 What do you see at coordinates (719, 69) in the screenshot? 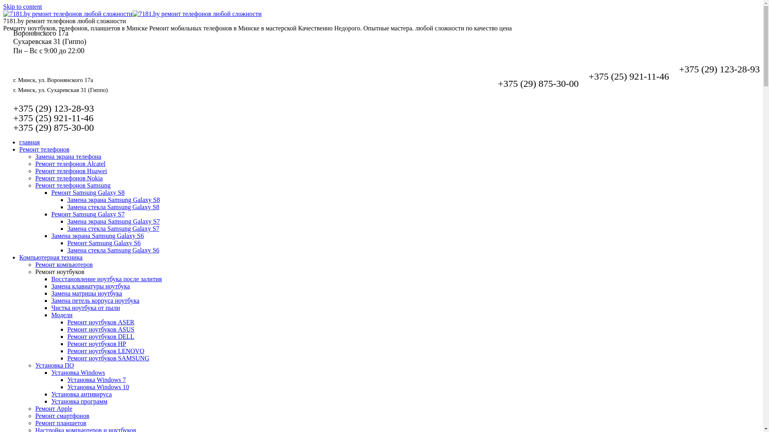
I see `'+375 (29) 123-28-93'` at bounding box center [719, 69].